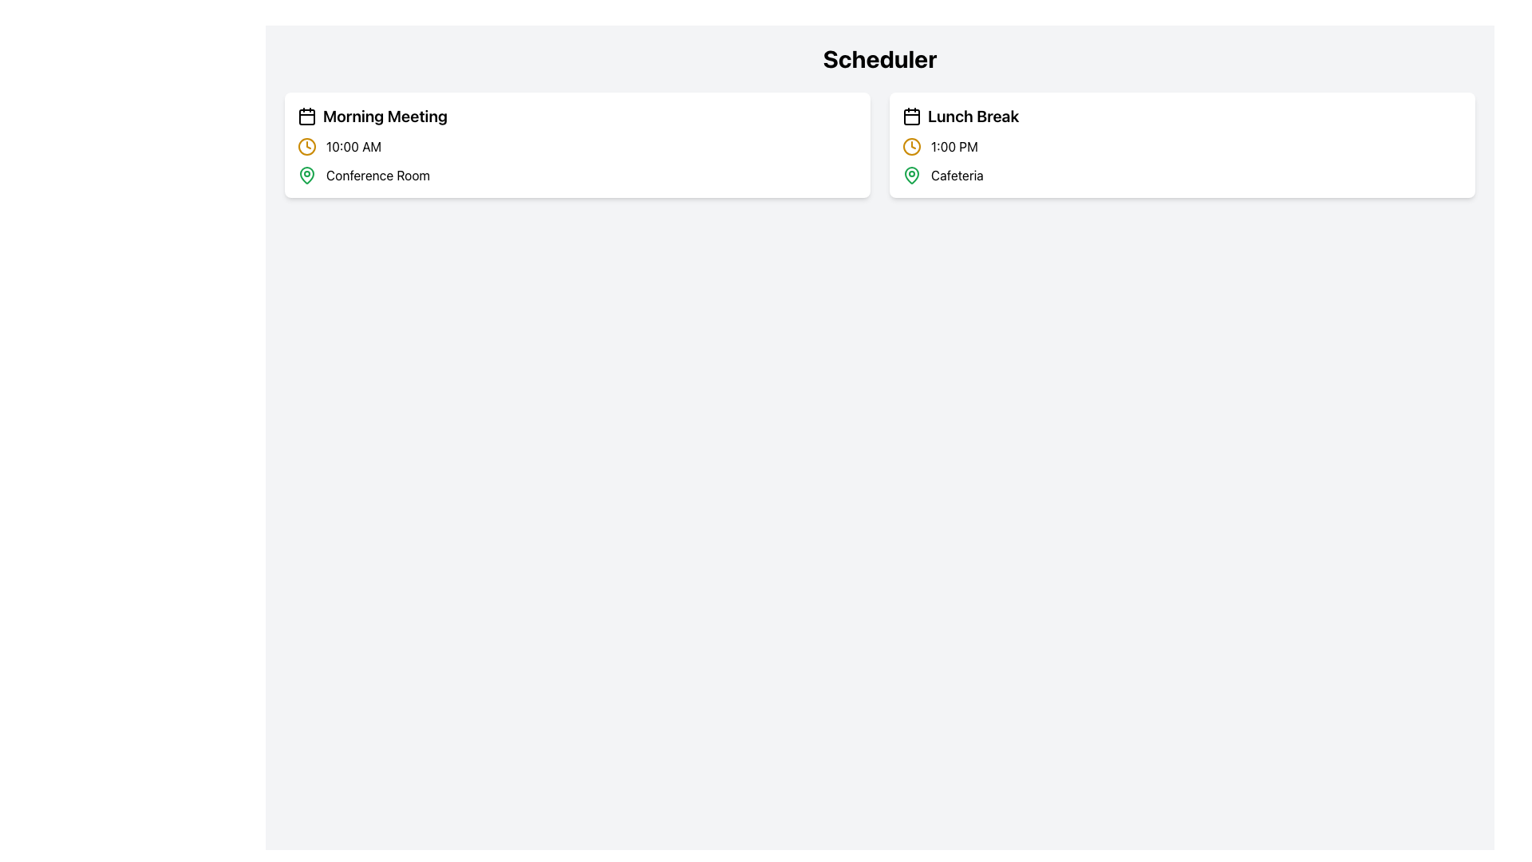 The image size is (1532, 862). What do you see at coordinates (954, 147) in the screenshot?
I see `the static text label displaying '1:00 PM', which is located within the 'Lunch Break' card, adjacent to a yellow clock icon and above the word 'Cafeteria'` at bounding box center [954, 147].